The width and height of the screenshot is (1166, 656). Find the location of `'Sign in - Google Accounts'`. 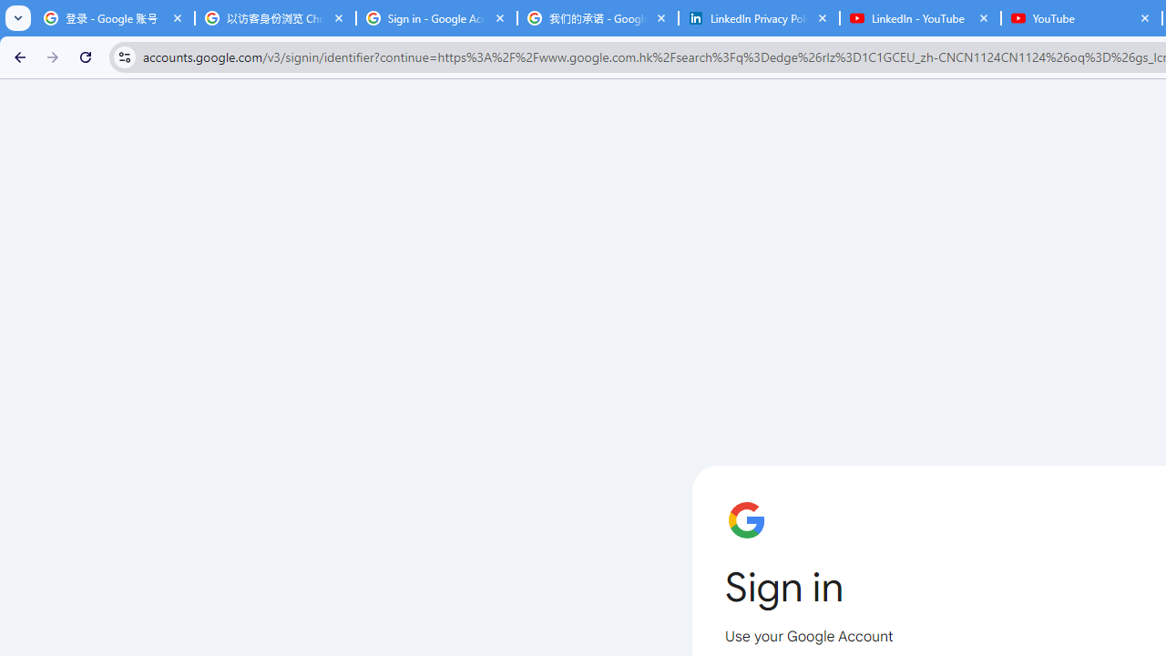

'Sign in - Google Accounts' is located at coordinates (435, 18).